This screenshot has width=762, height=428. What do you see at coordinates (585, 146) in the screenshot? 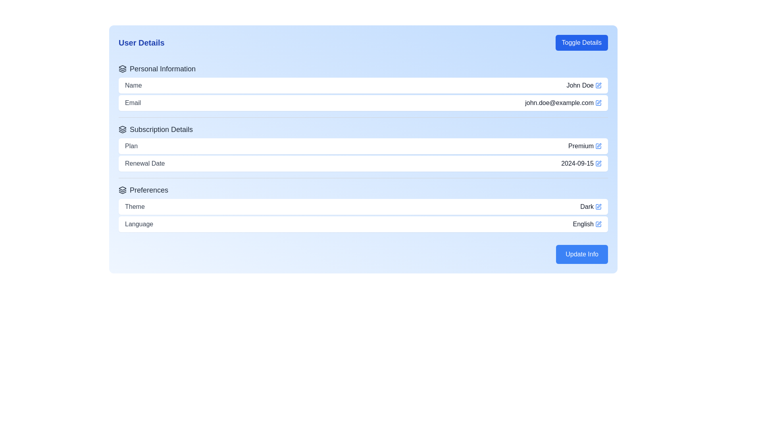
I see `the 'Premium' text label displayed in bold, dark gray font located beside the small blue edit icon in the 'Subscription Details' section under the 'Plan' row` at bounding box center [585, 146].